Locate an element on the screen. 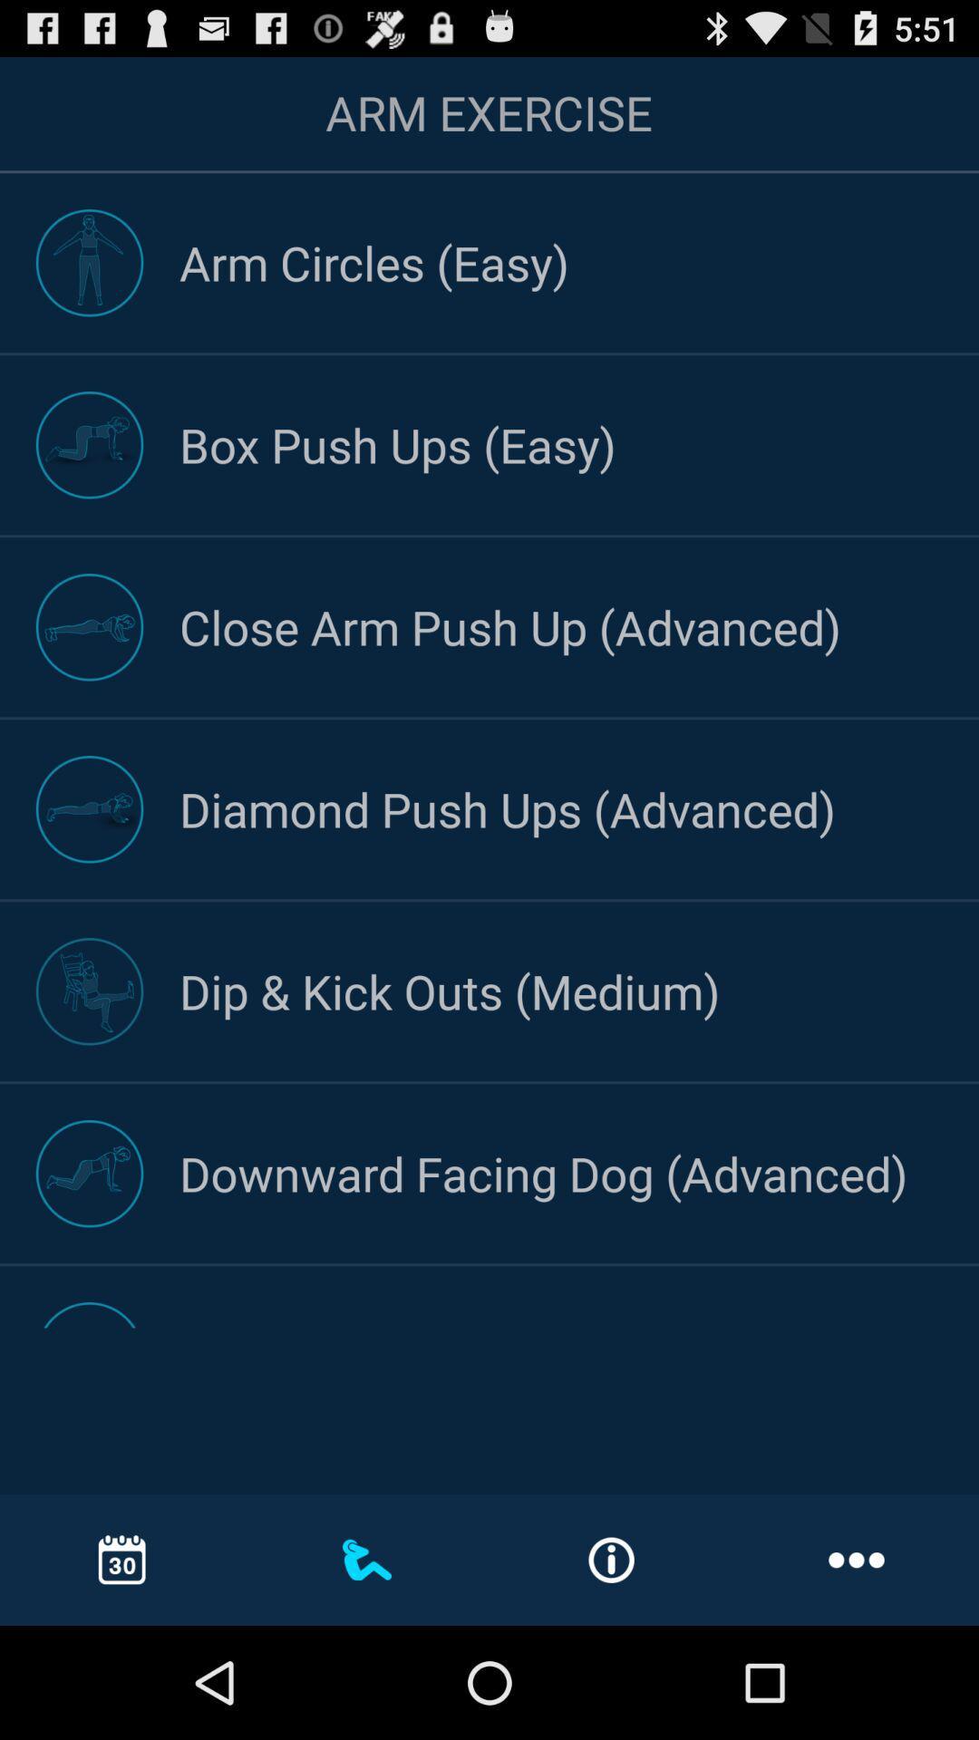 The width and height of the screenshot is (979, 1740). the expand_less icon is located at coordinates (901, 140).